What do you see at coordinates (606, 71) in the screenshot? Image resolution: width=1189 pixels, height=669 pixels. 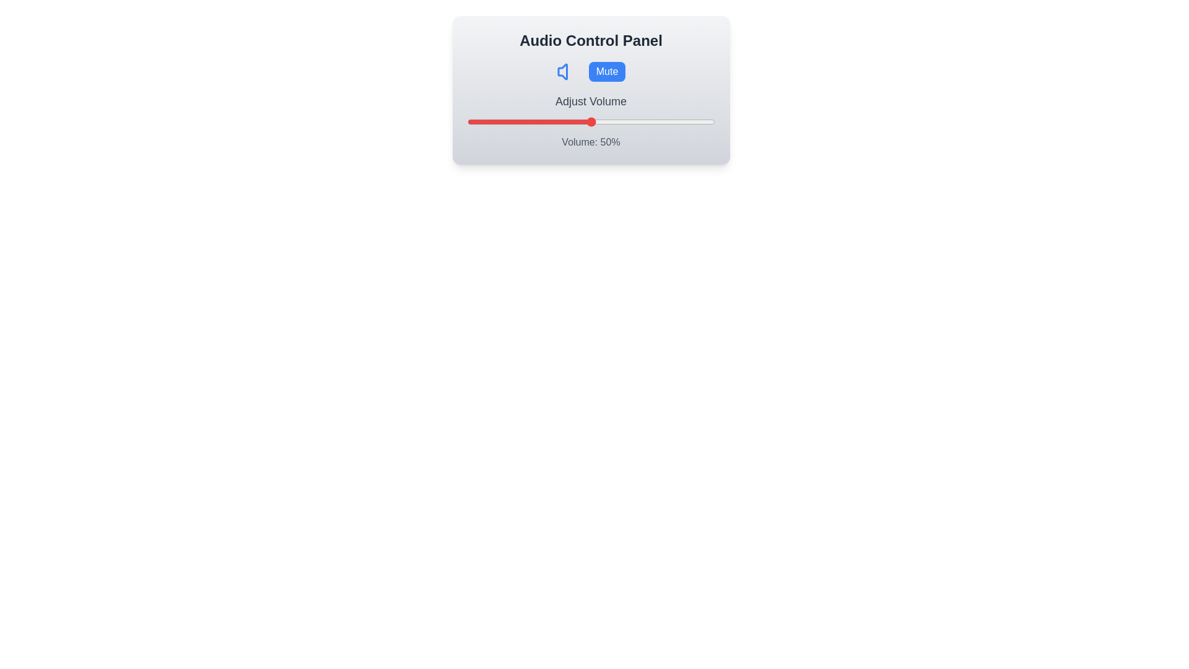 I see `the 'Mute' button to toggle the mute state` at bounding box center [606, 71].